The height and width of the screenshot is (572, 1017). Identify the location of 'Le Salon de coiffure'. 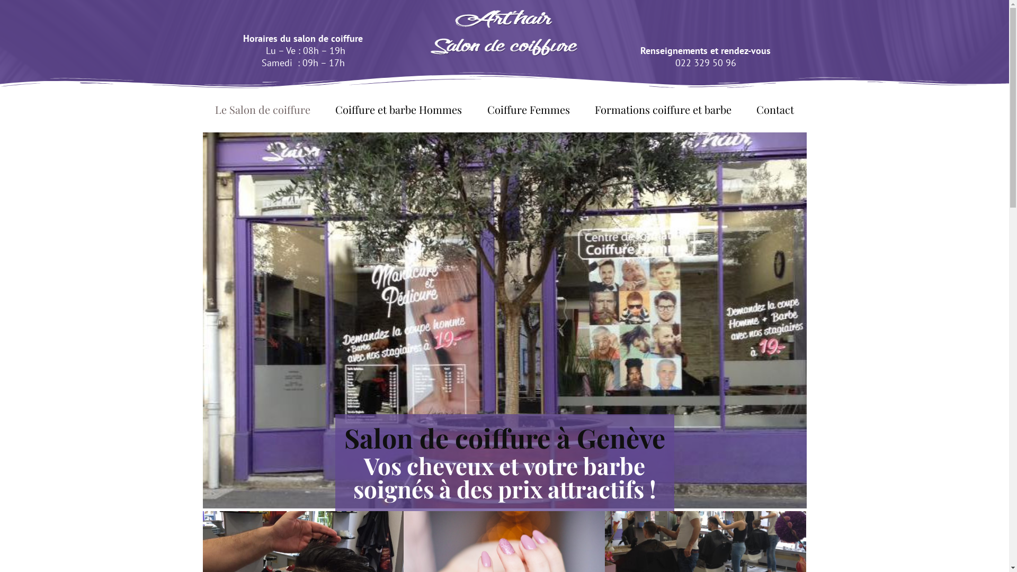
(262, 110).